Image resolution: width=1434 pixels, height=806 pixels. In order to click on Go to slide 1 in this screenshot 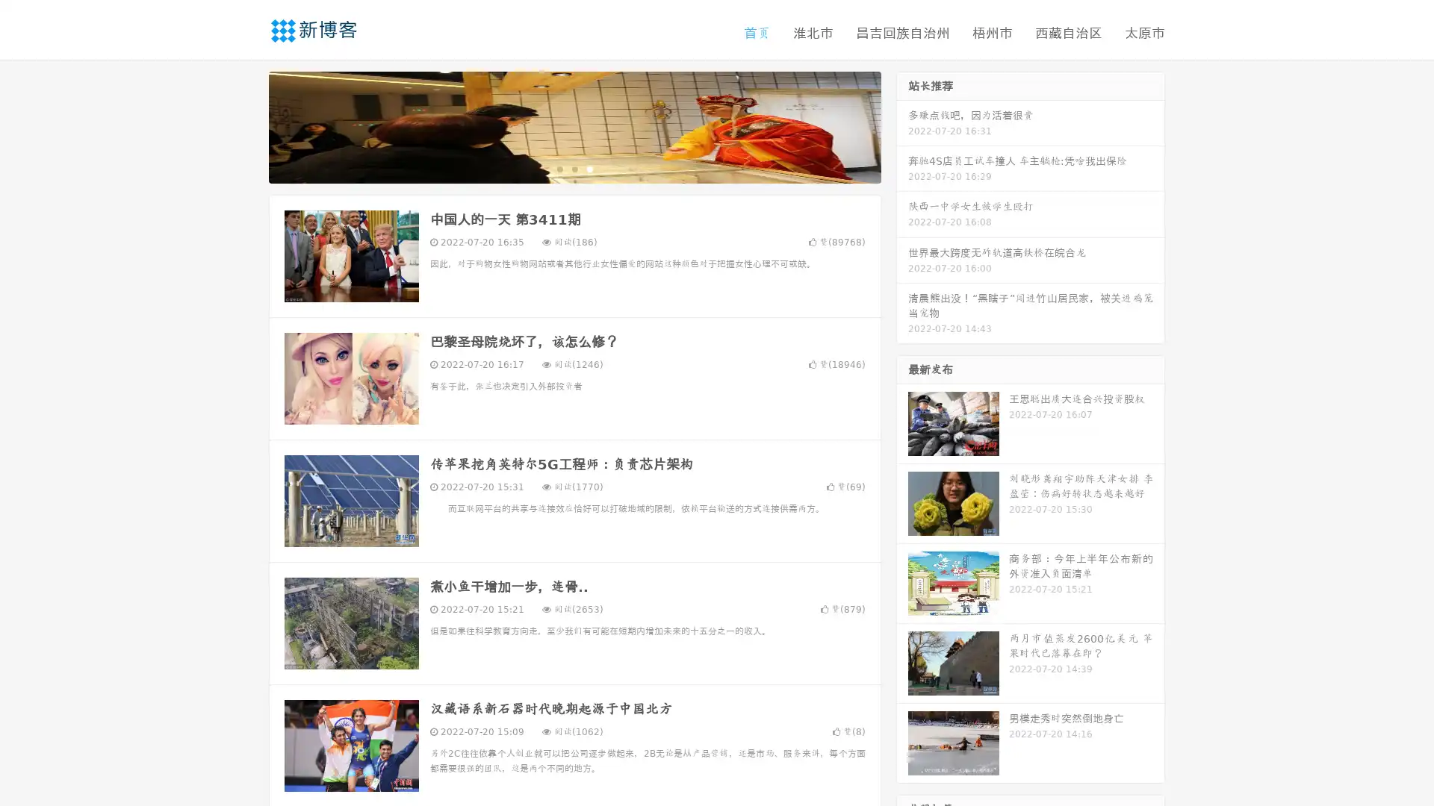, I will do `click(559, 168)`.